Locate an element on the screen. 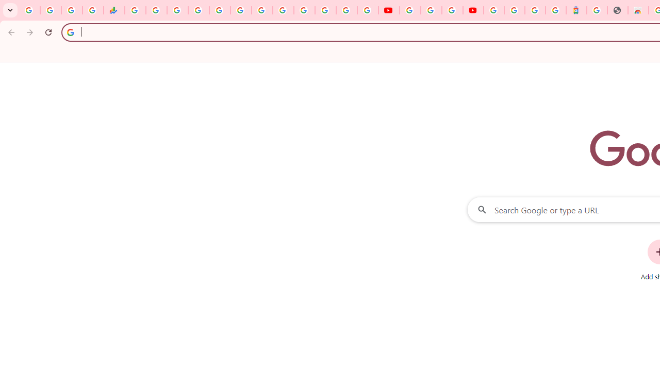 This screenshot has height=371, width=660. 'Google Account Help' is located at coordinates (431, 10).